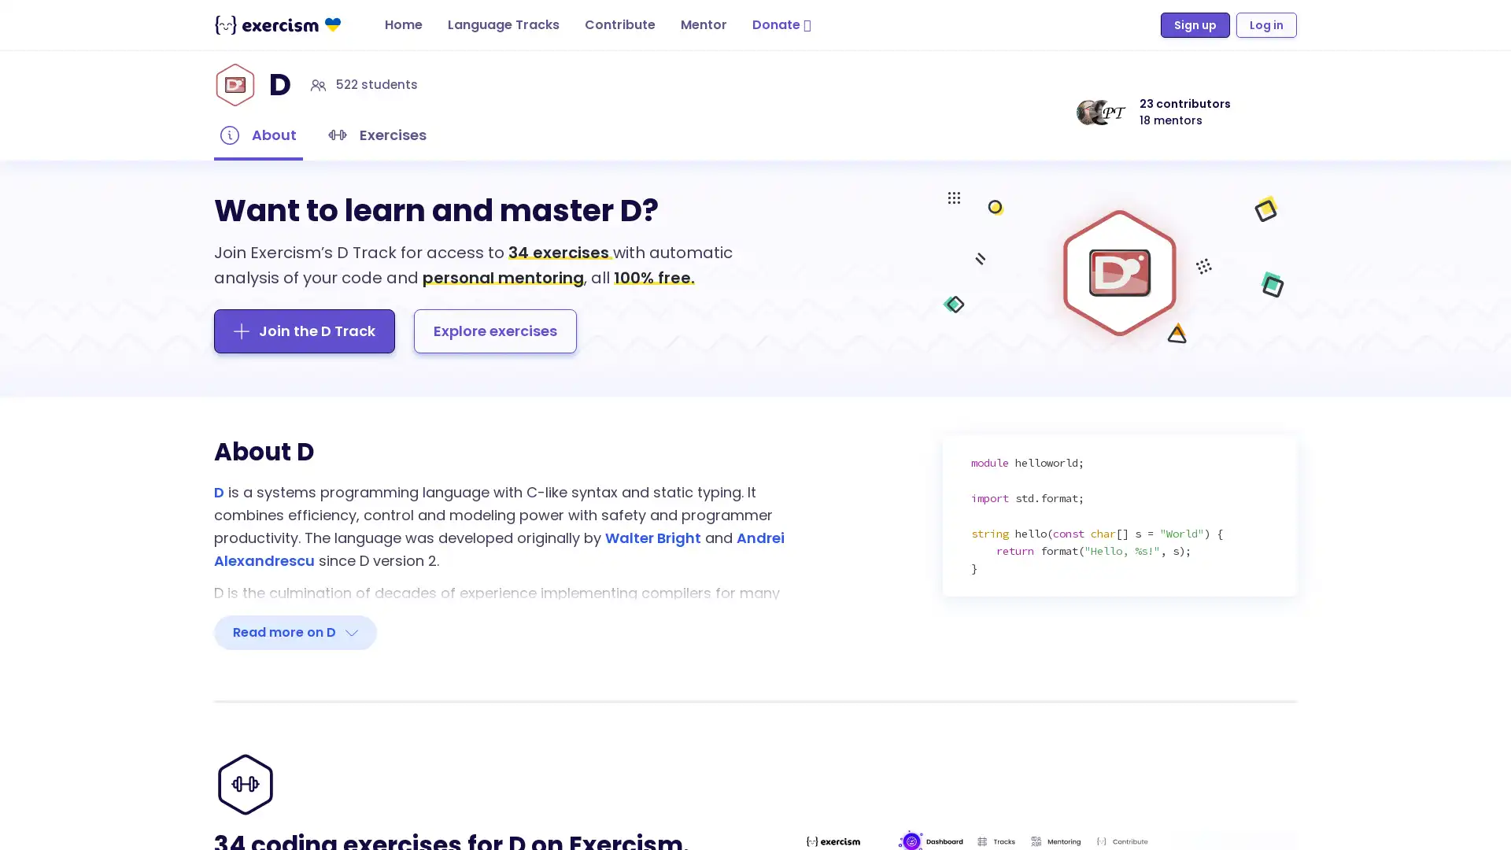 This screenshot has width=1511, height=850. Describe the element at coordinates (295, 631) in the screenshot. I see `Read more on D` at that location.